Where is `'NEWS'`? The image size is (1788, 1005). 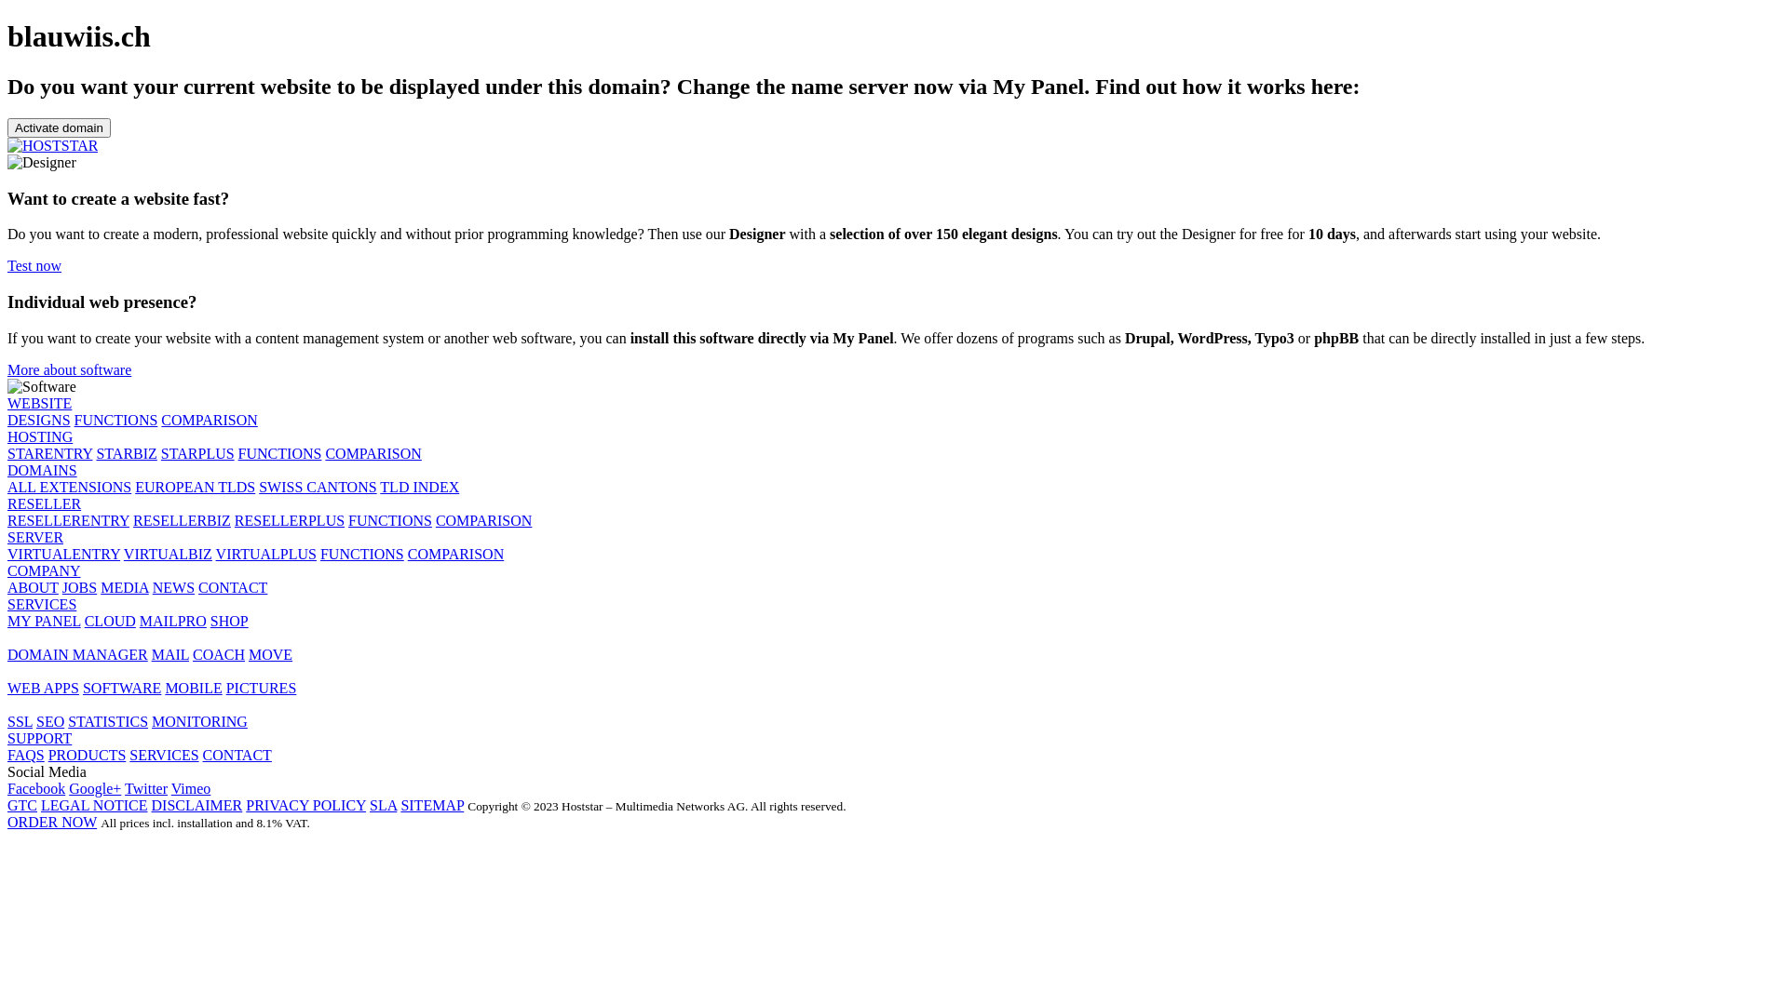
'NEWS' is located at coordinates (173, 587).